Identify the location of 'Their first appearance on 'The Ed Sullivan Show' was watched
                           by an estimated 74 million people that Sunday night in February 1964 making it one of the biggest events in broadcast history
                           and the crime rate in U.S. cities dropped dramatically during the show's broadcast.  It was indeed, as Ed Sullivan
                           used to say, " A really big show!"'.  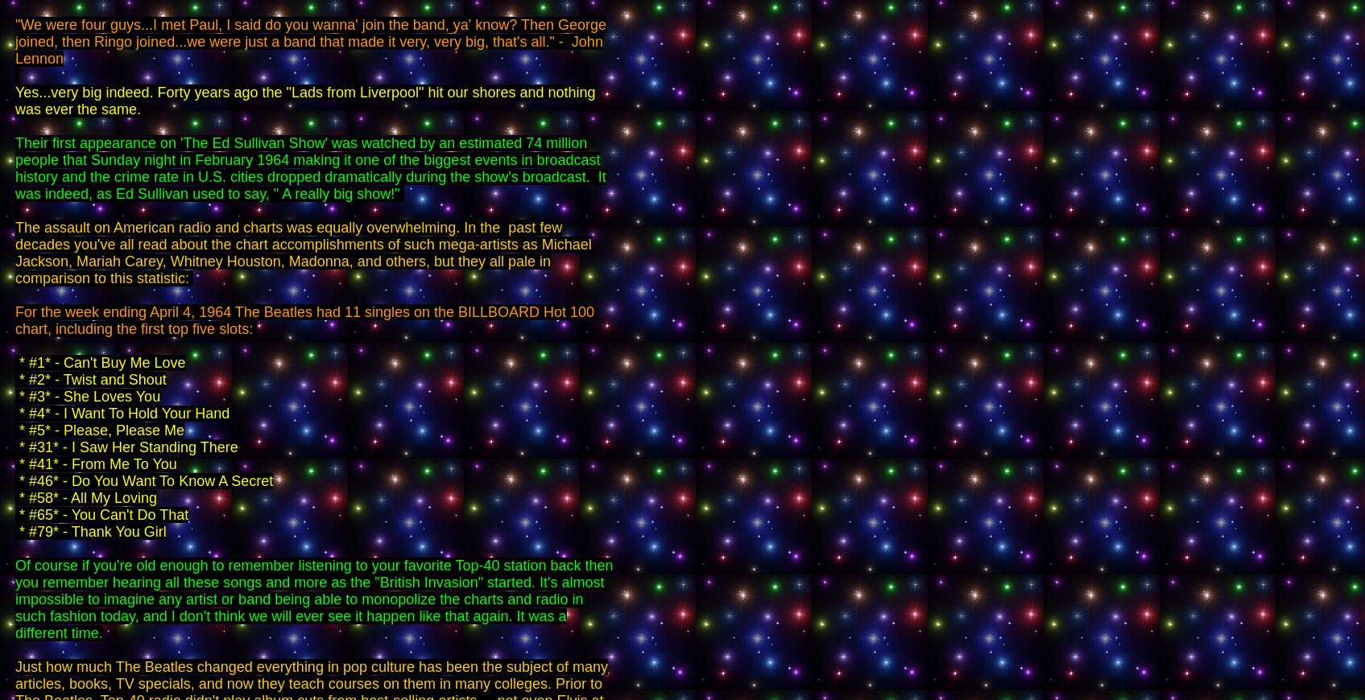
(14, 167).